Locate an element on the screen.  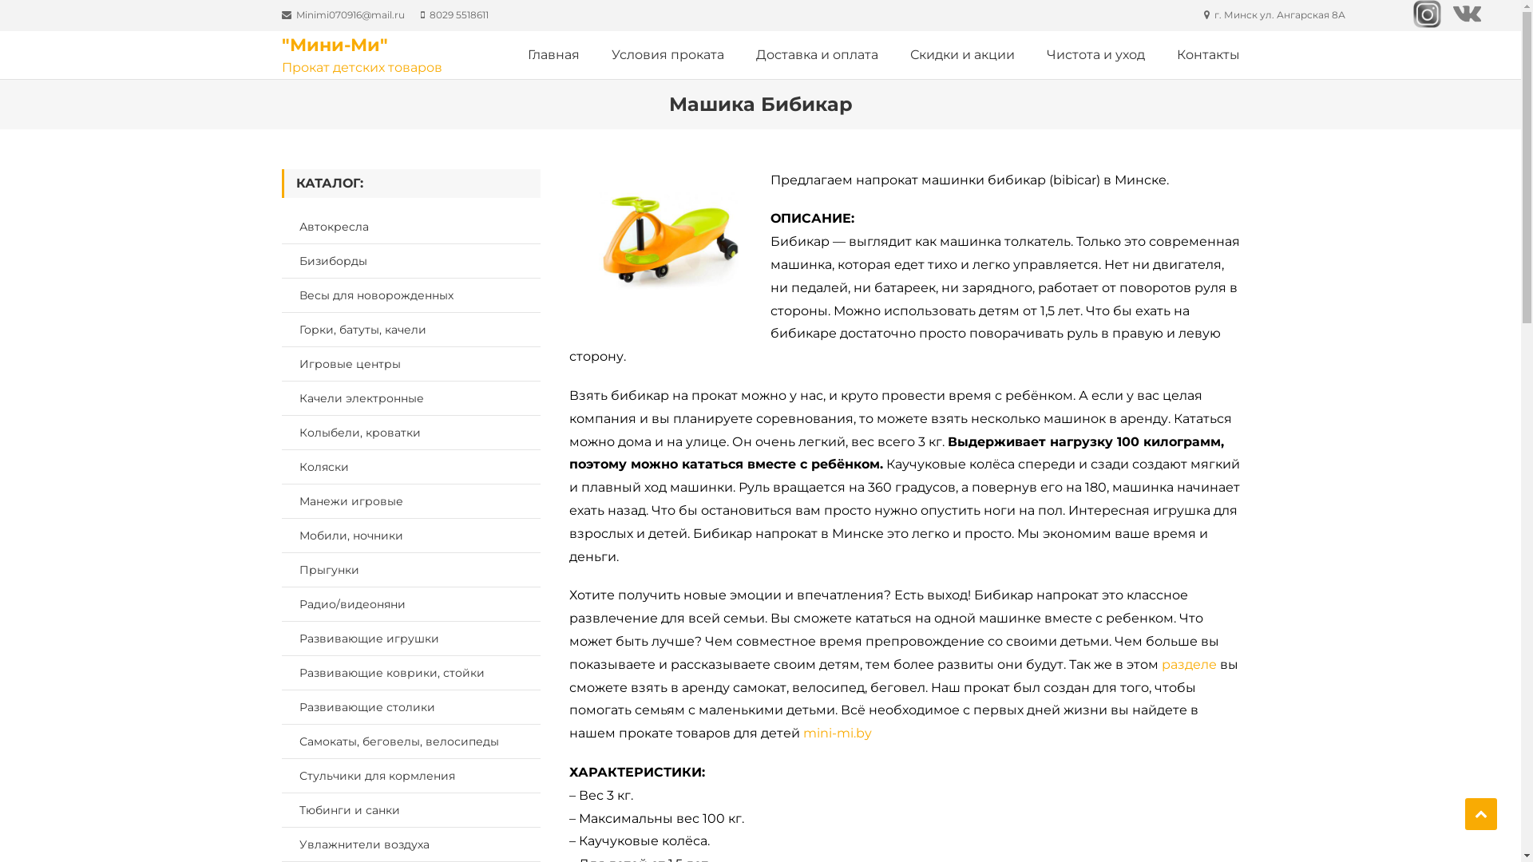
'mini-mi.by' is located at coordinates (803, 733).